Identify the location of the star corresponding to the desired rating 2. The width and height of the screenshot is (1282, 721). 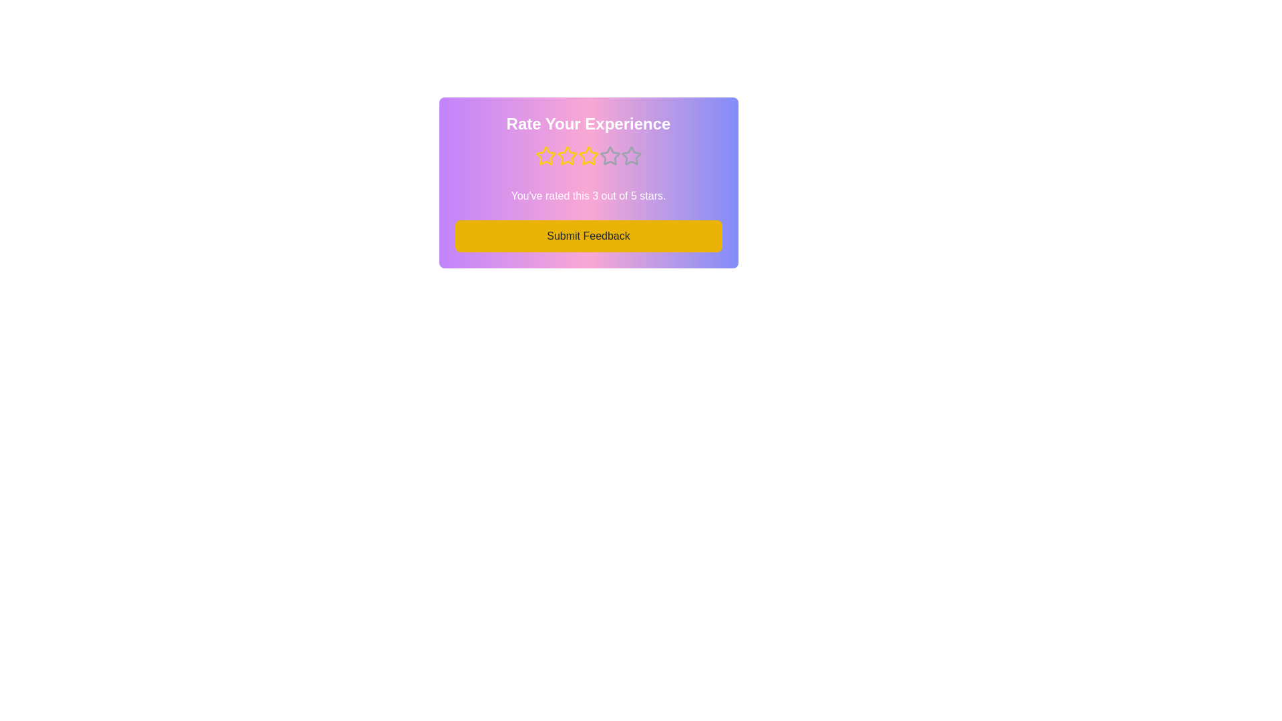
(567, 156).